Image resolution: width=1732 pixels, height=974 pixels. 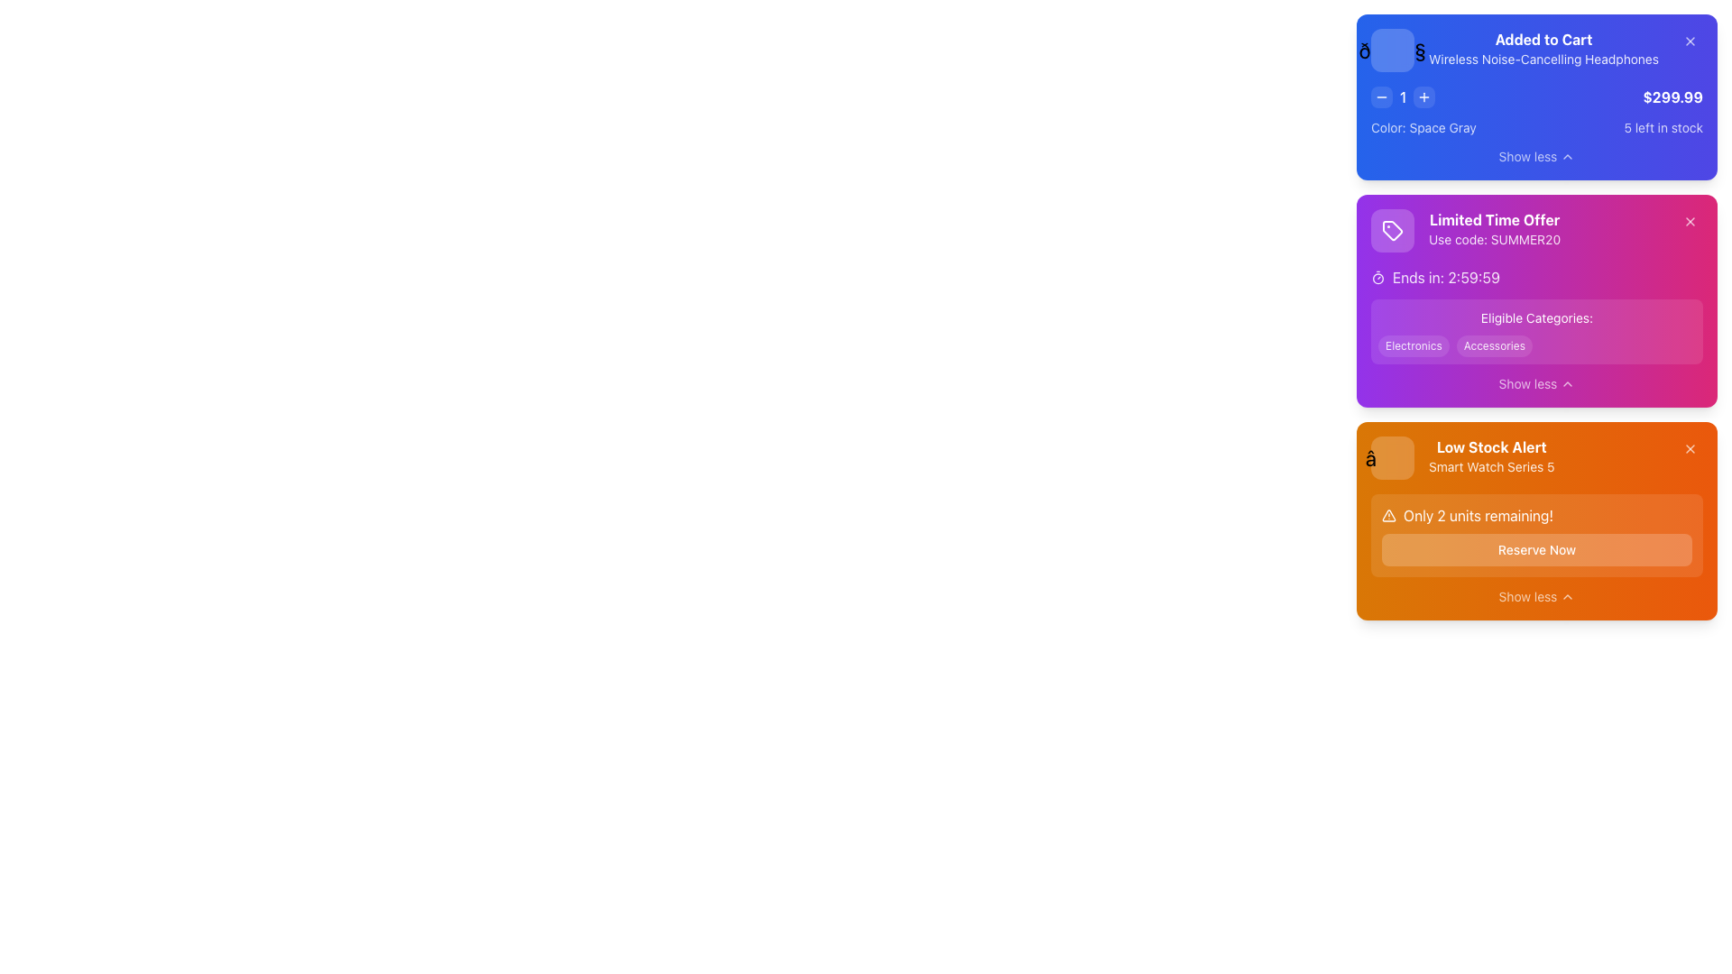 I want to click on details of the 'Added to Cart' section which includes quantity adjustment buttons, a price tag, color description, and stock note, so click(x=1536, y=111).